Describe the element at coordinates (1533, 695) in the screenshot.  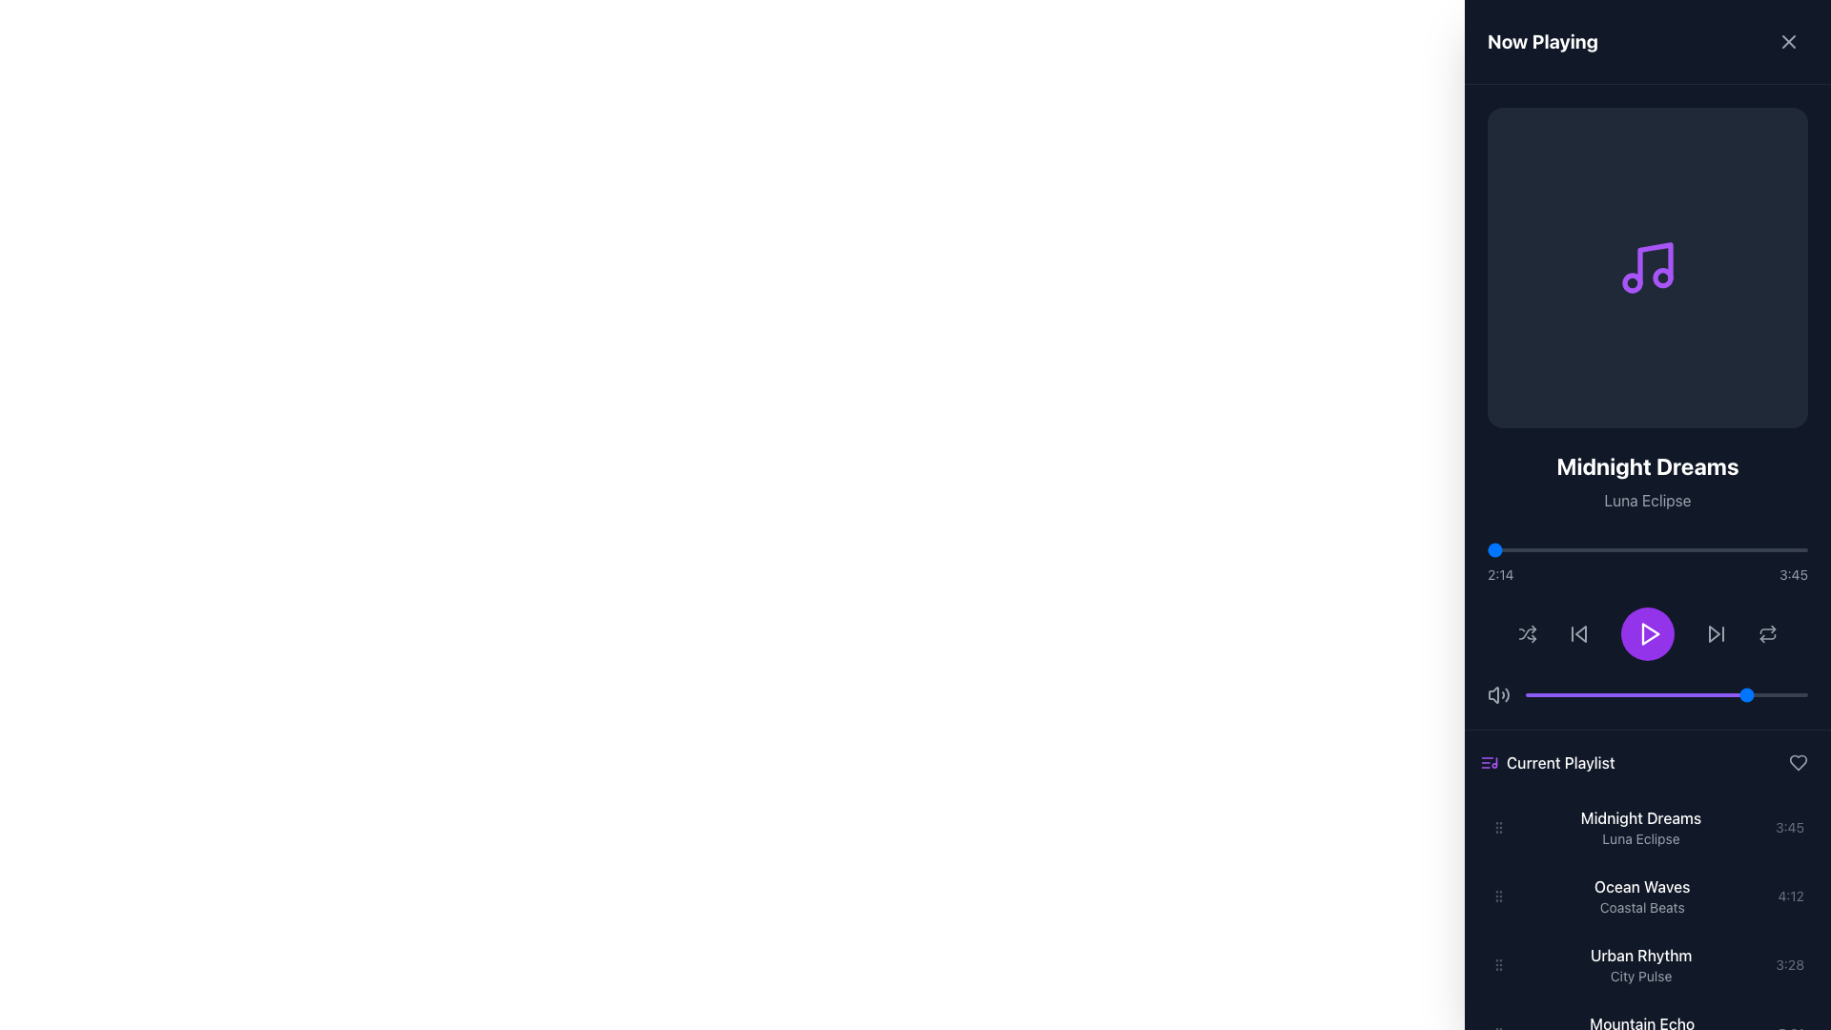
I see `the slider value` at that location.